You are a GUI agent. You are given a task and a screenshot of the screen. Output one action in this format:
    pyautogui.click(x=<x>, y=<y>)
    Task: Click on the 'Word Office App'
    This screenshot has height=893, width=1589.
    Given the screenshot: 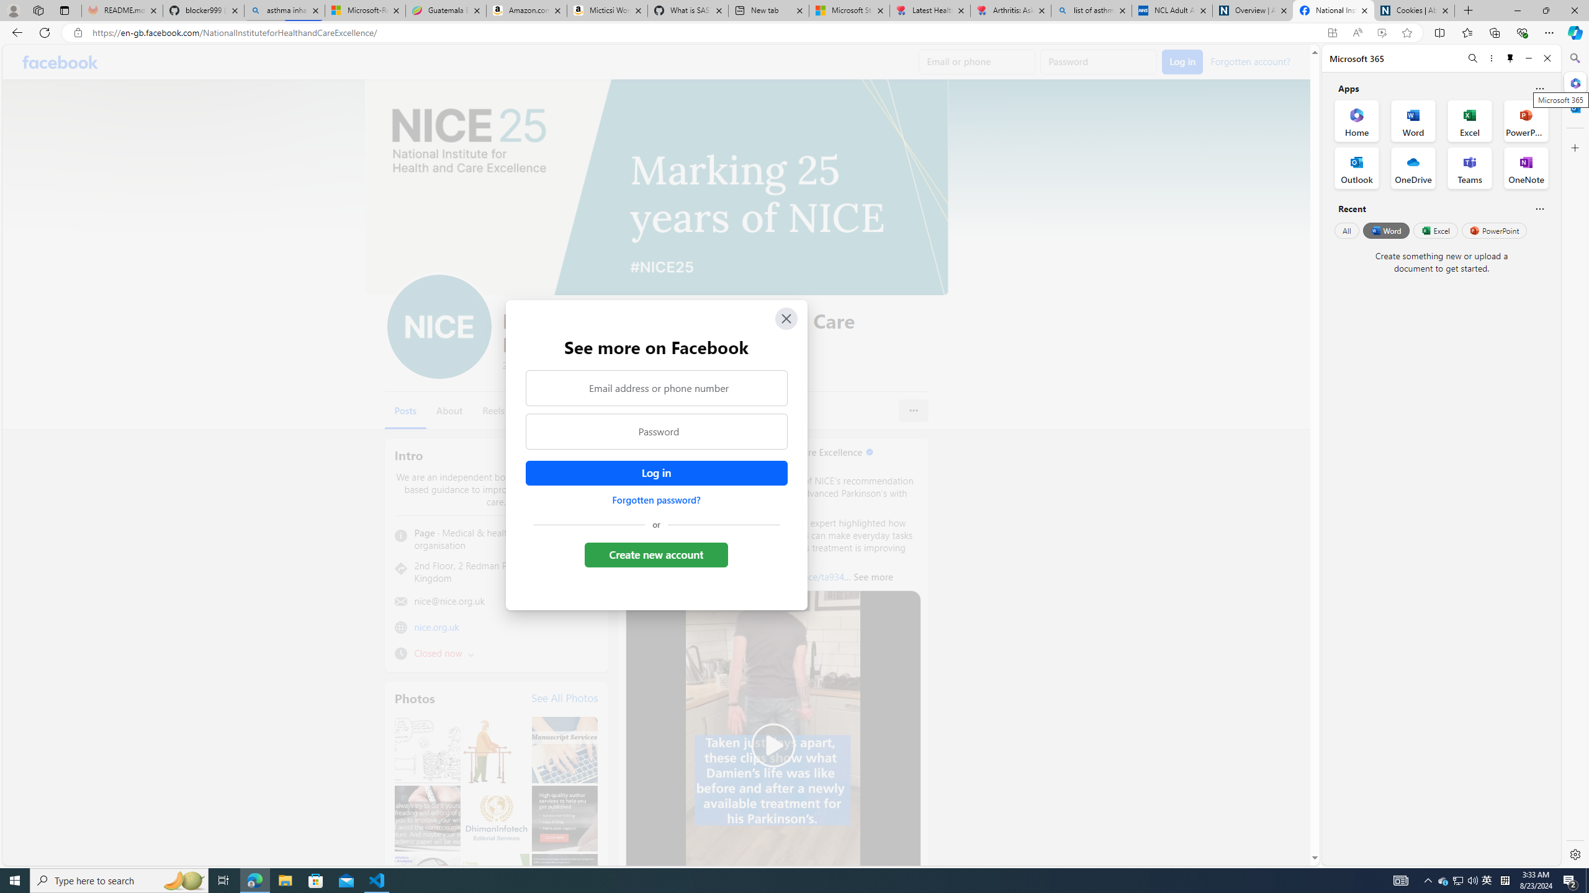 What is the action you would take?
    pyautogui.click(x=1413, y=121)
    